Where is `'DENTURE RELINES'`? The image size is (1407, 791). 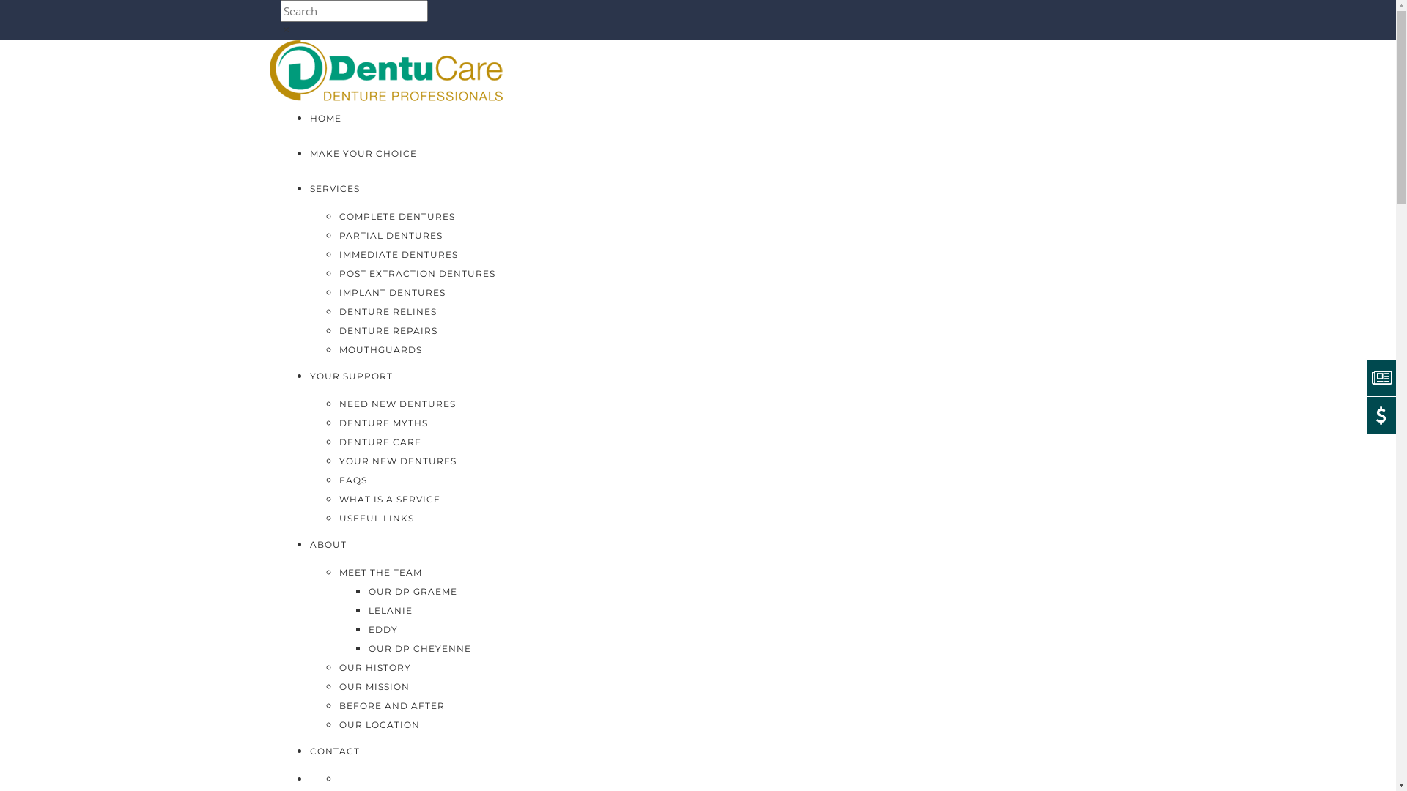
'DENTURE RELINES' is located at coordinates (337, 311).